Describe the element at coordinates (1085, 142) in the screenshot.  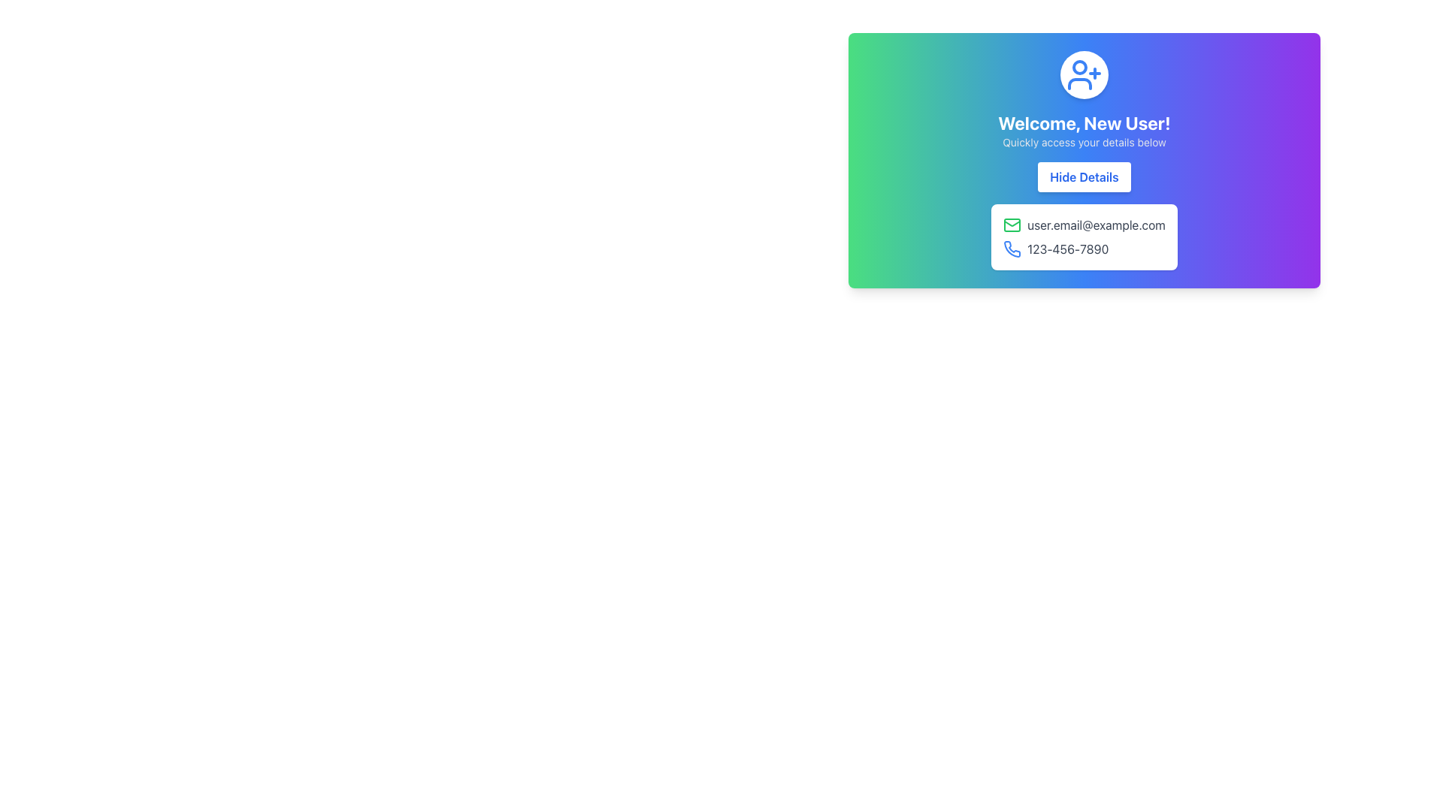
I see `the static text displaying 'Quickly access your details below.' which is located beneath the header 'Welcome, New User!' and above the 'Hide Details' button` at that location.